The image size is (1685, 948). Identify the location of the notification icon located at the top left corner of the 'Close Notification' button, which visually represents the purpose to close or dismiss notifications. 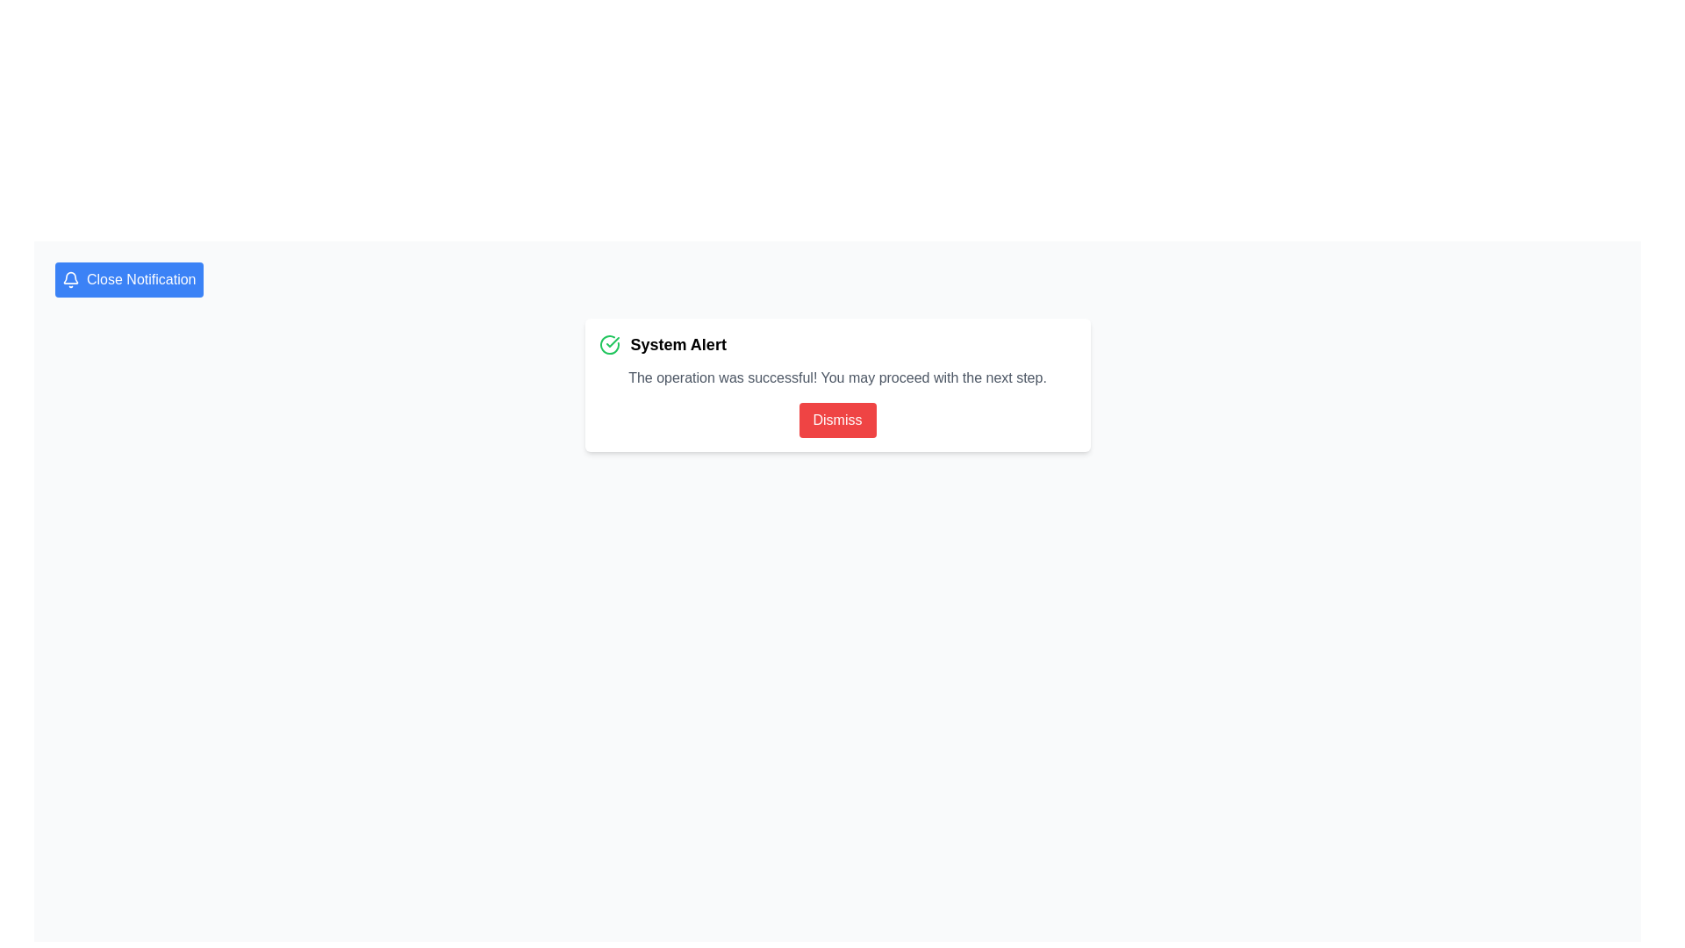
(70, 279).